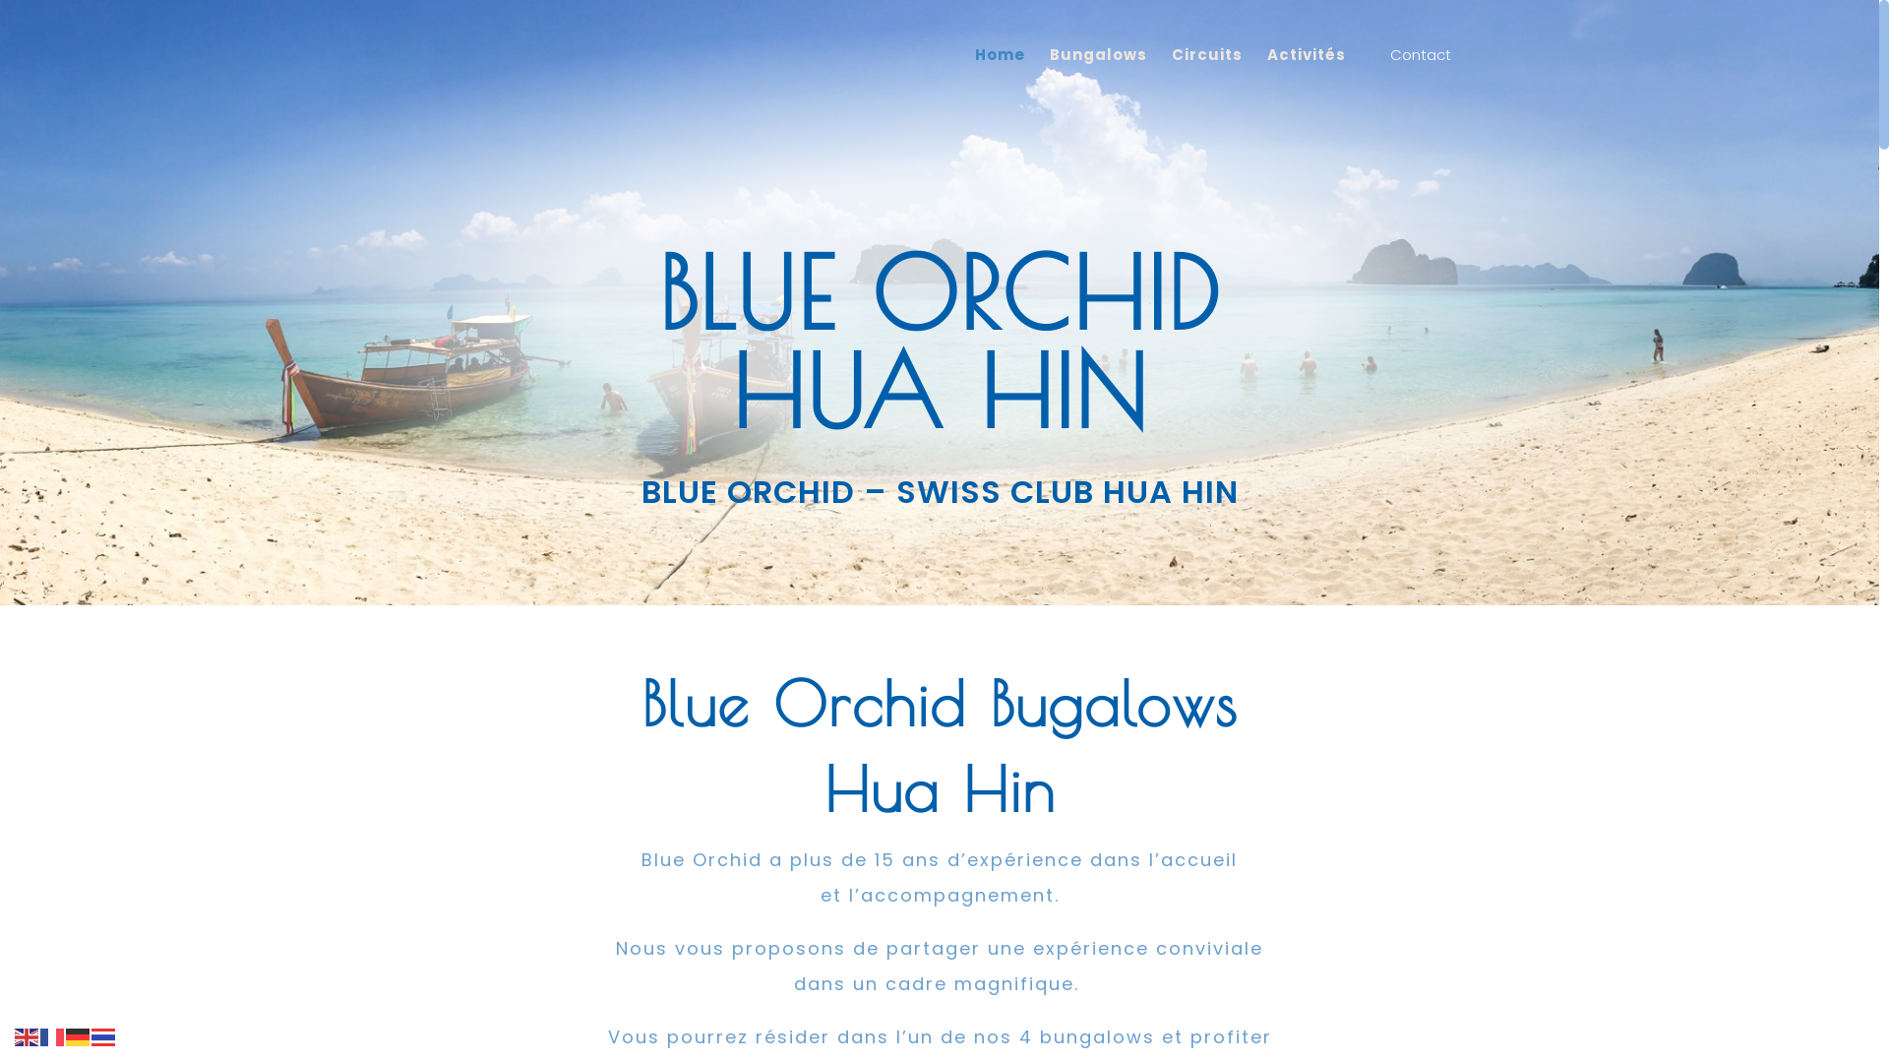 The height and width of the screenshot is (1063, 1889). What do you see at coordinates (1000, 67) in the screenshot?
I see `'Home'` at bounding box center [1000, 67].